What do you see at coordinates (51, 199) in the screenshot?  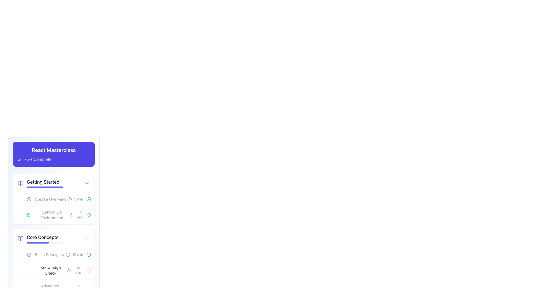 I see `text label that provides the title of the course content section, located immediately to the right of a circular play icon in the 'Getting Started' section` at bounding box center [51, 199].